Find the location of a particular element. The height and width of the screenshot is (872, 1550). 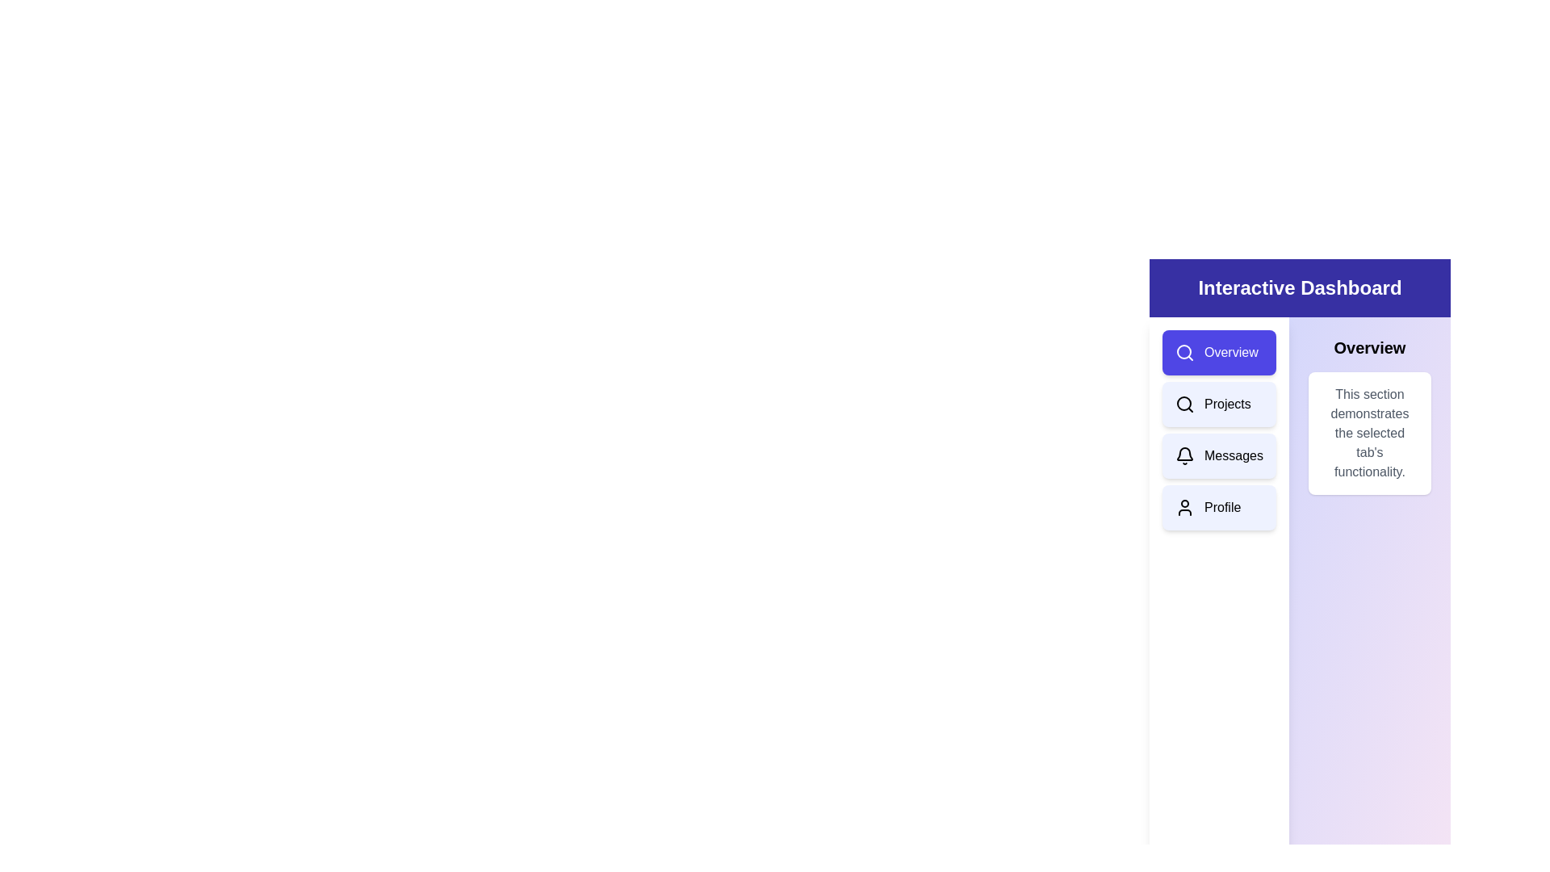

the text label displaying 'Messages' in black font, which is located in the vertical navigation menu between the 'Projects' and 'Profile' buttons is located at coordinates (1233, 455).